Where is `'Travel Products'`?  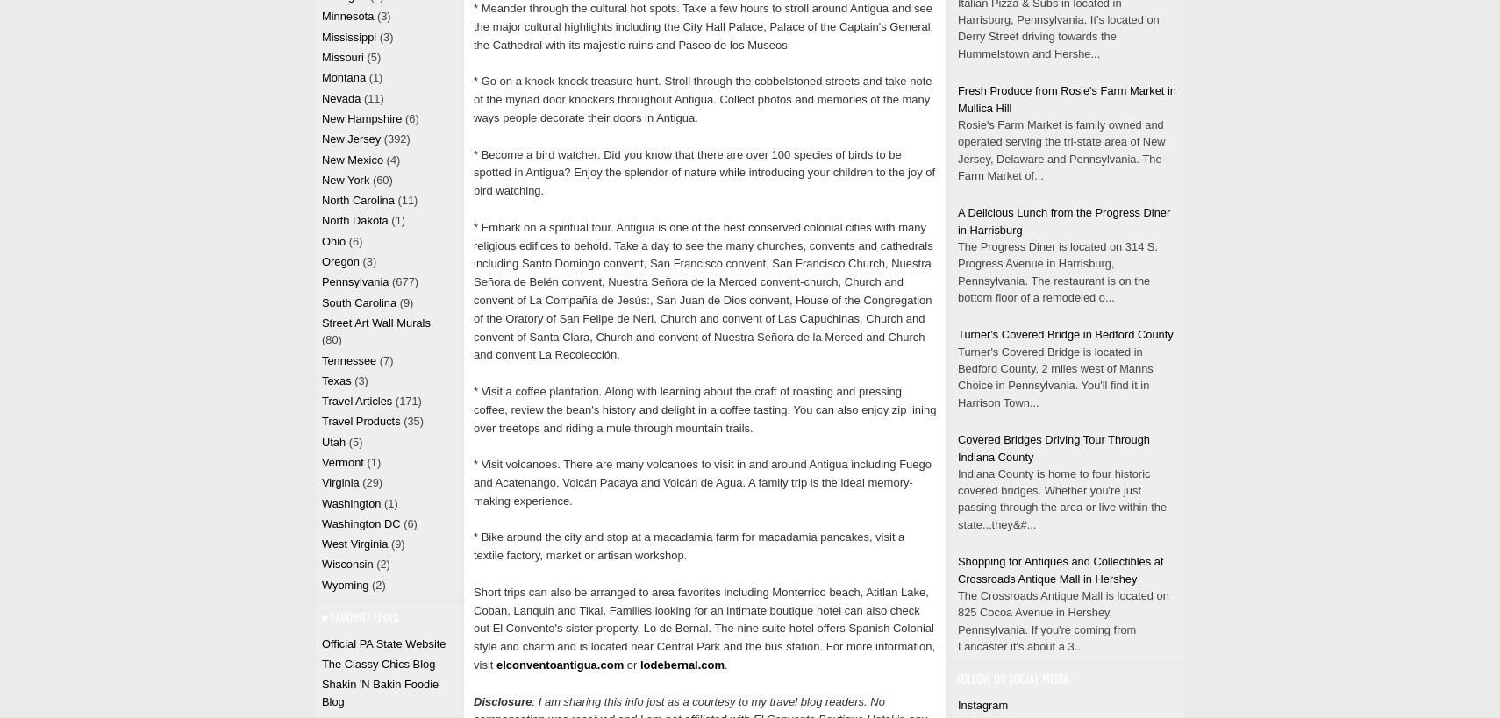
'Travel Products' is located at coordinates (360, 420).